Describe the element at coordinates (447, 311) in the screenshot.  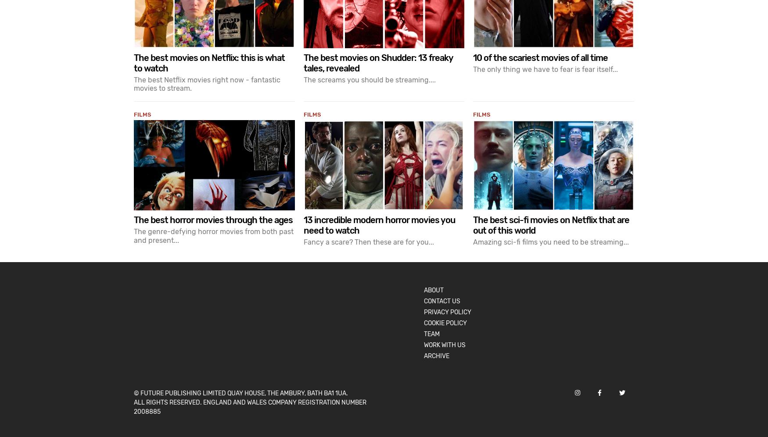
I see `'Privacy Policy'` at that location.